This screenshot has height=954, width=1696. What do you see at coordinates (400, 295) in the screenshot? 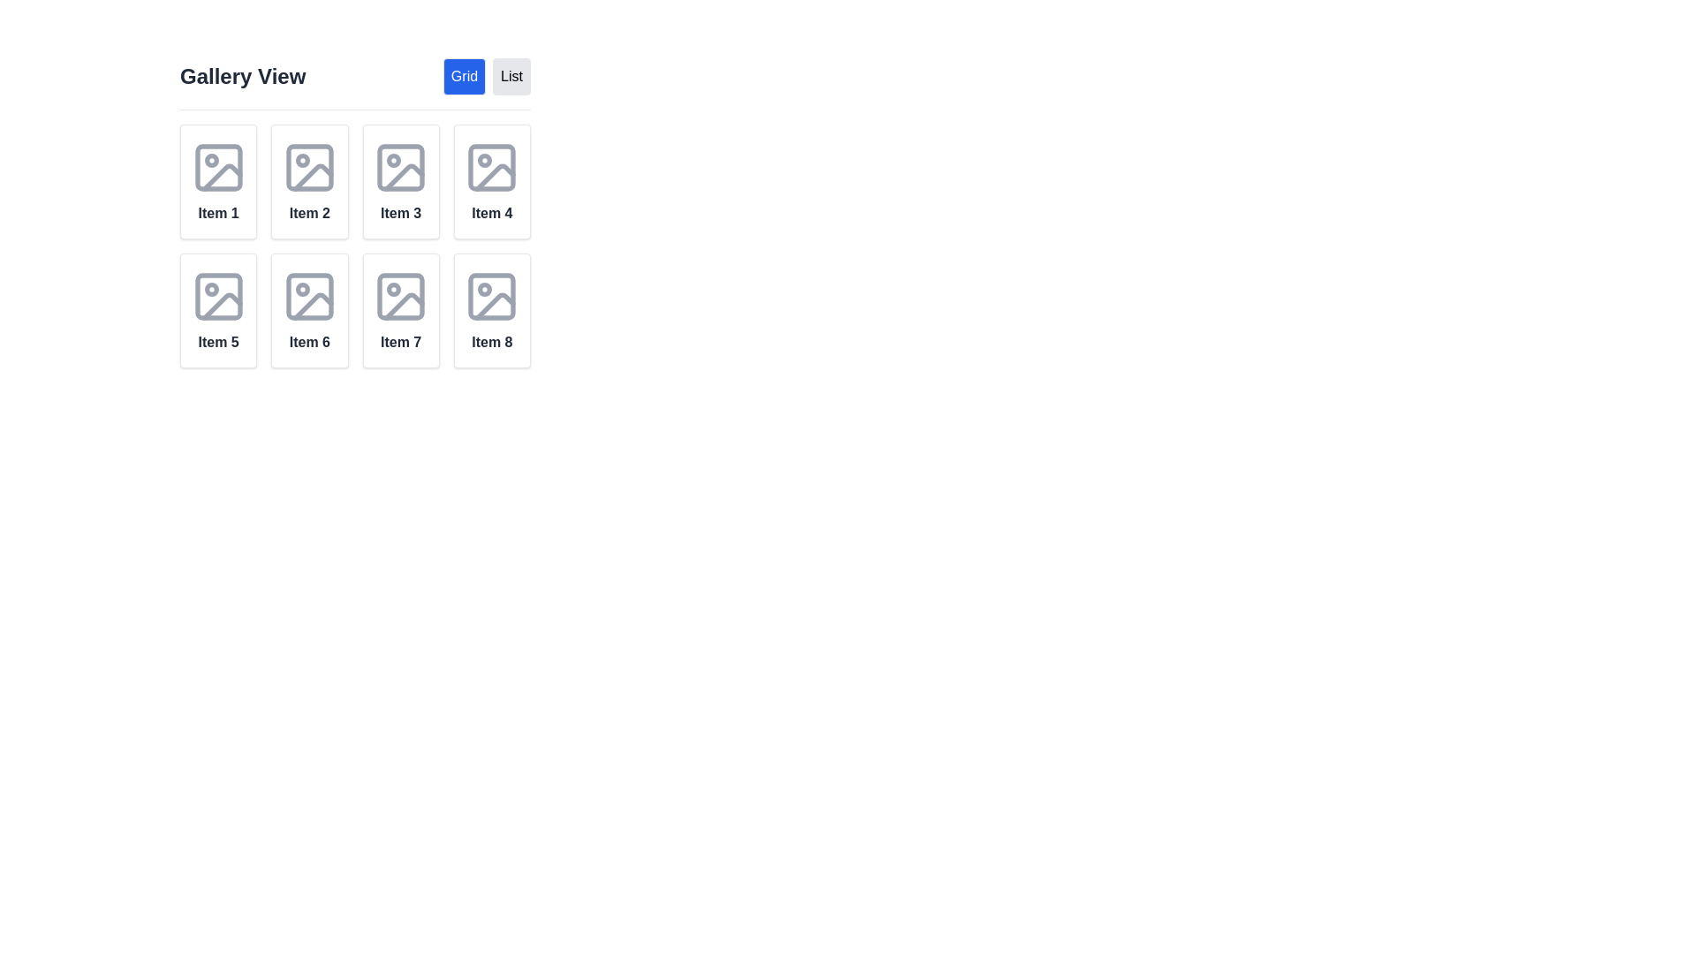
I see `the SVG Image Placeholder located in the upper center of the card titled 'Item 7'` at bounding box center [400, 295].